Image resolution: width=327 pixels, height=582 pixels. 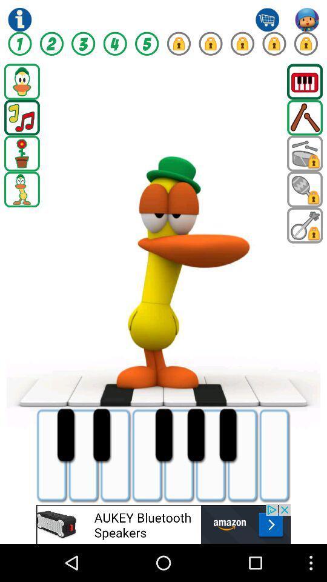 I want to click on lock button, so click(x=242, y=44).